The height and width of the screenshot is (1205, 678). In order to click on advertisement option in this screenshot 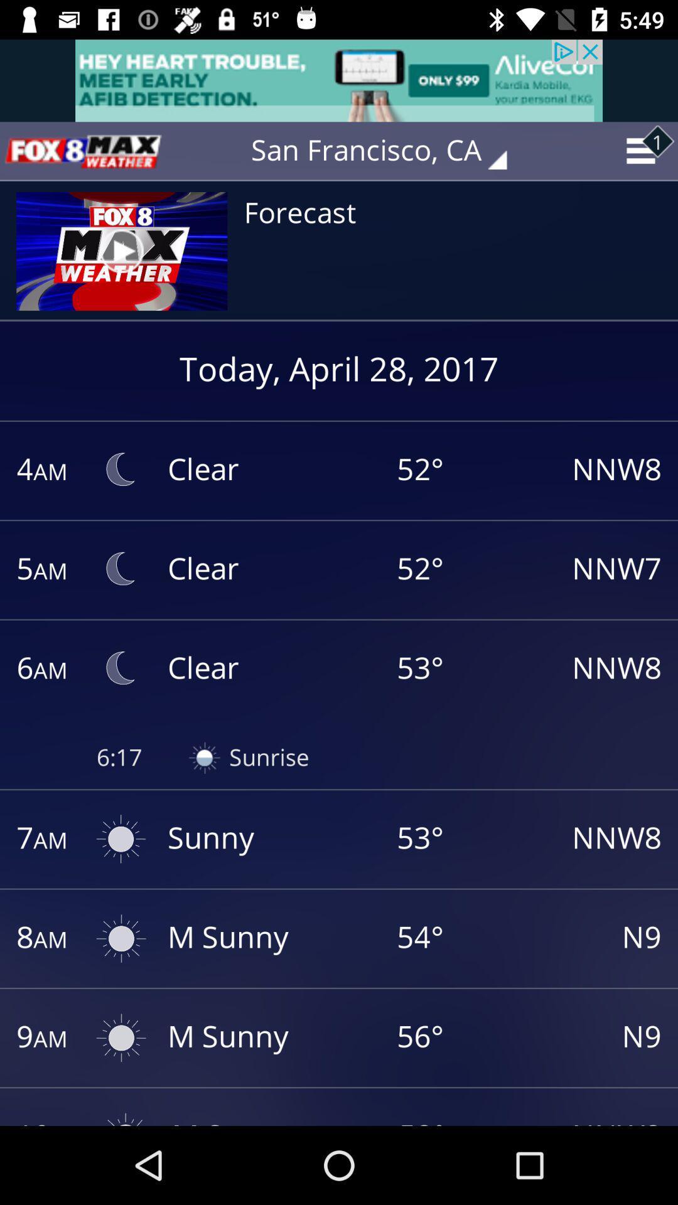, I will do `click(339, 80)`.